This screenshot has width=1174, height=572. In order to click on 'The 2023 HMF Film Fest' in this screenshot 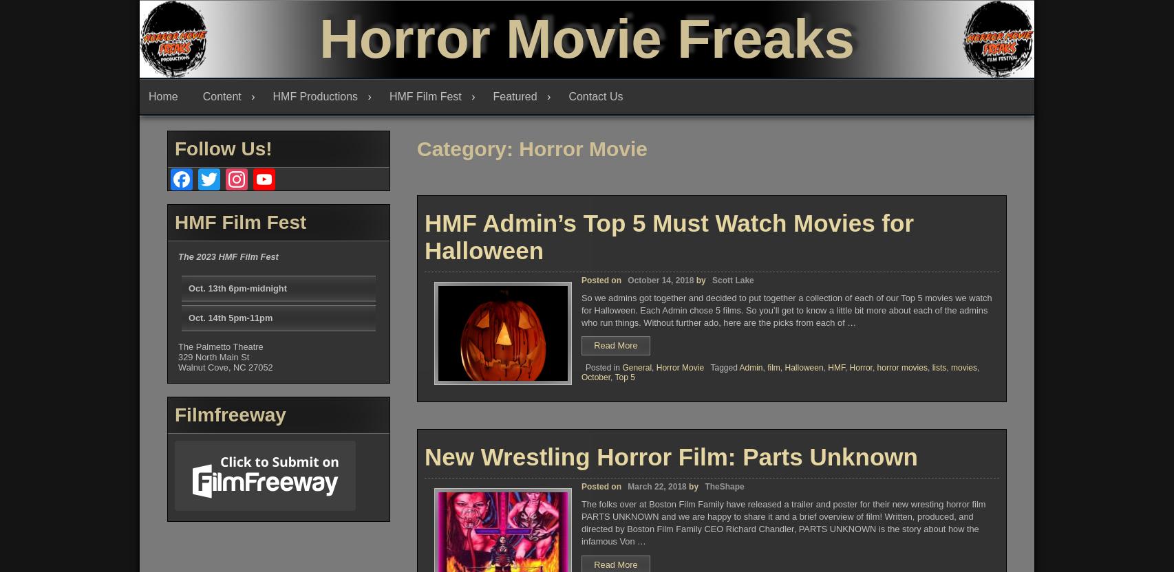, I will do `click(228, 255)`.